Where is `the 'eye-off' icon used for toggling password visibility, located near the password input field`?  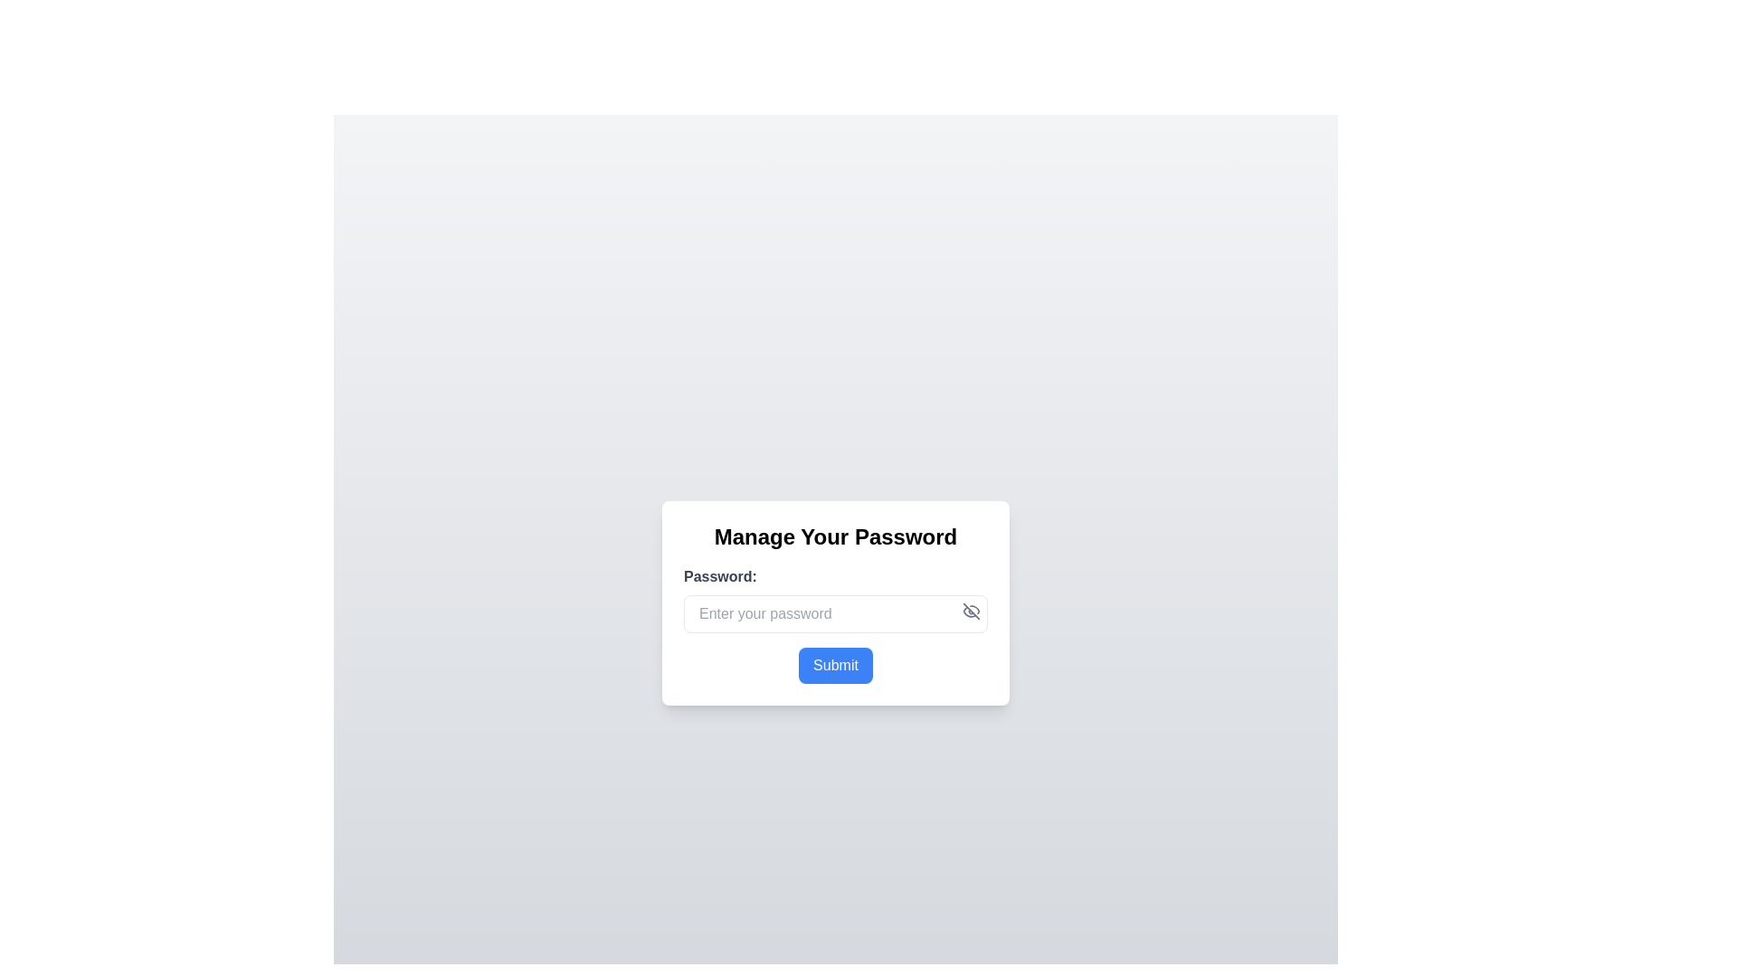
the 'eye-off' icon used for toggling password visibility, located near the password input field is located at coordinates (971, 611).